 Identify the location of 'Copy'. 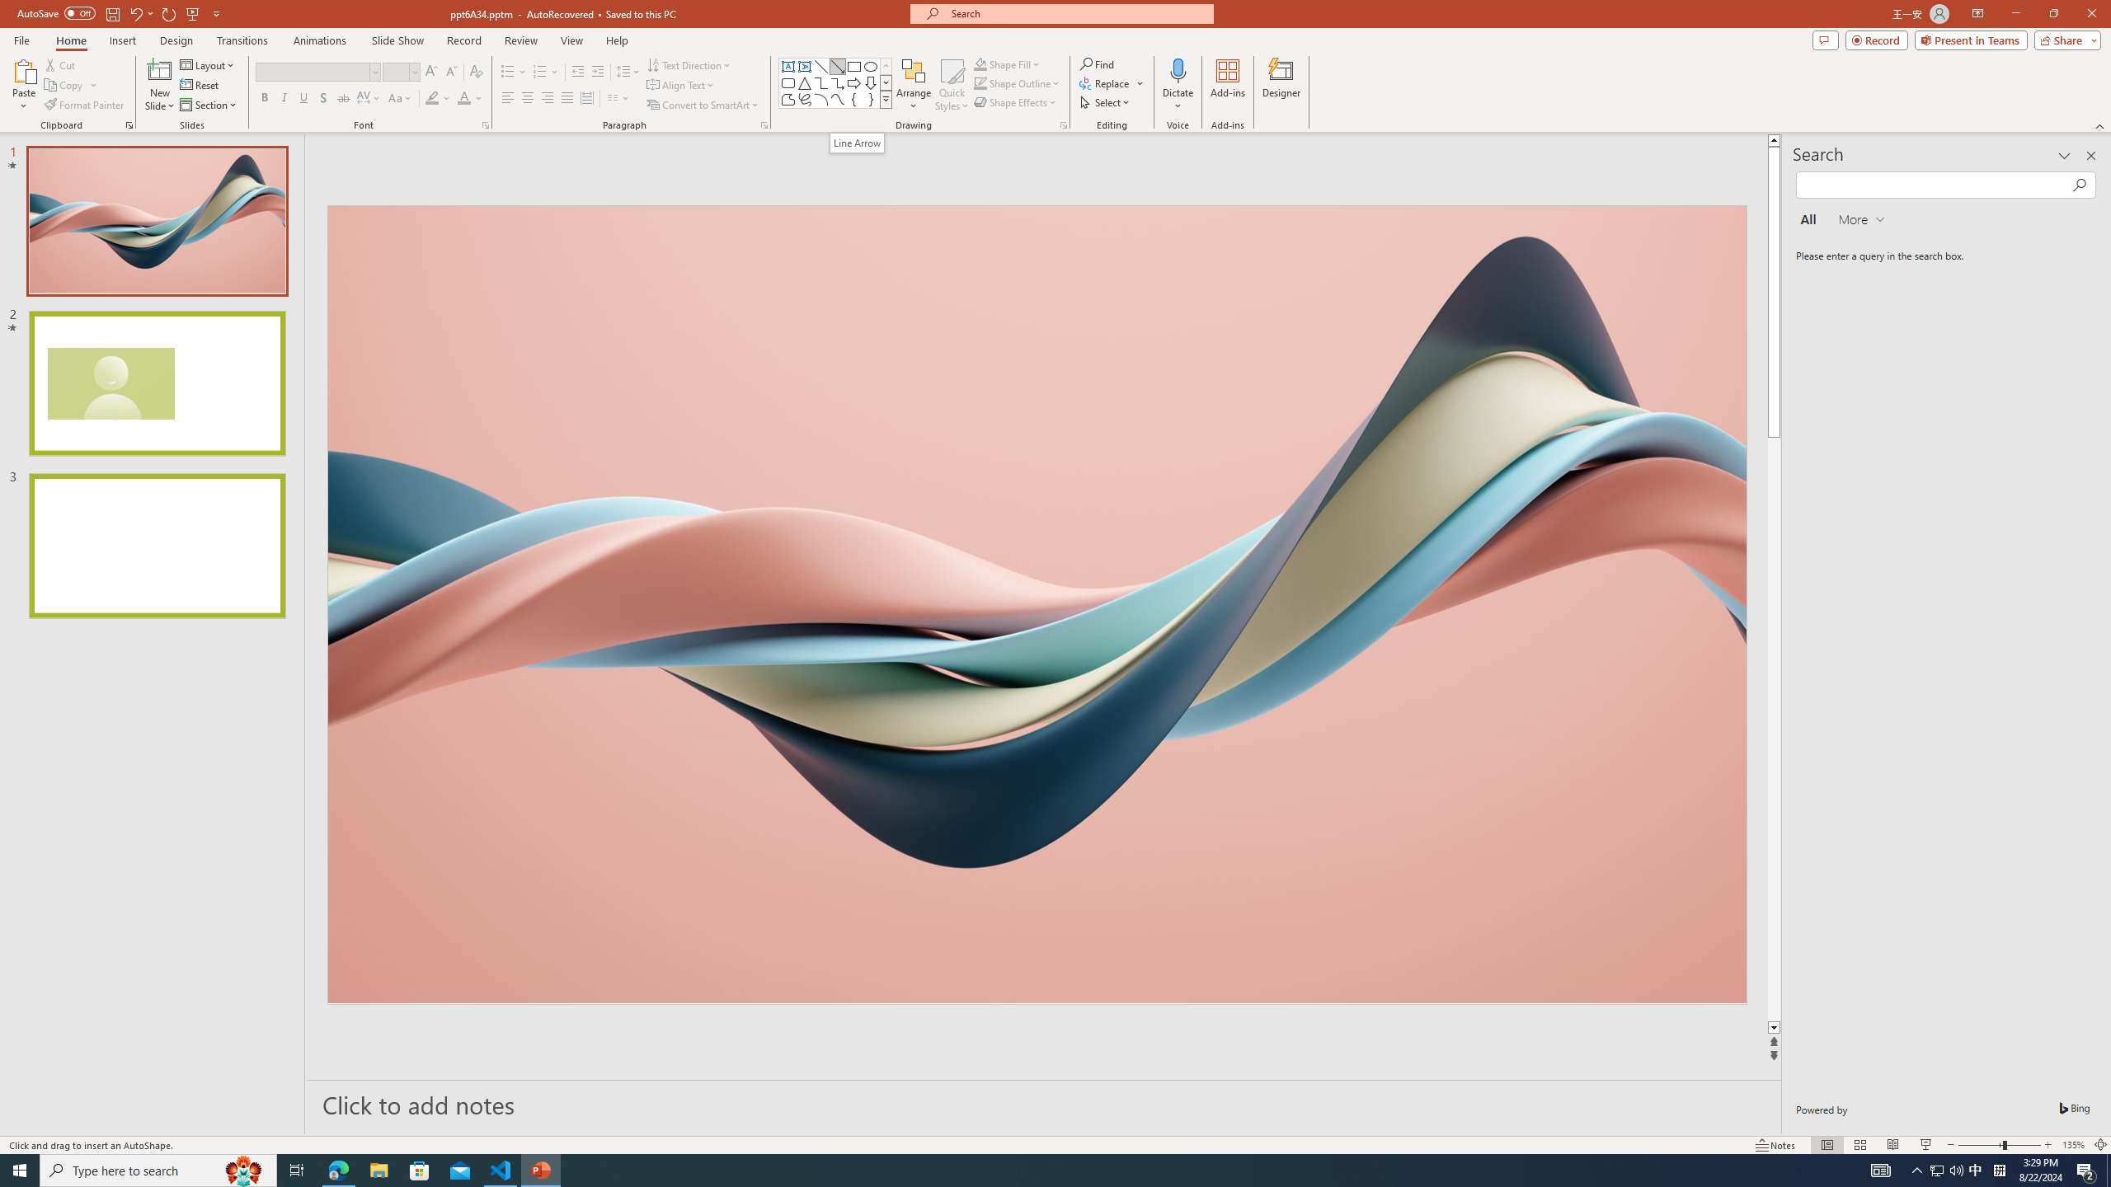
(64, 85).